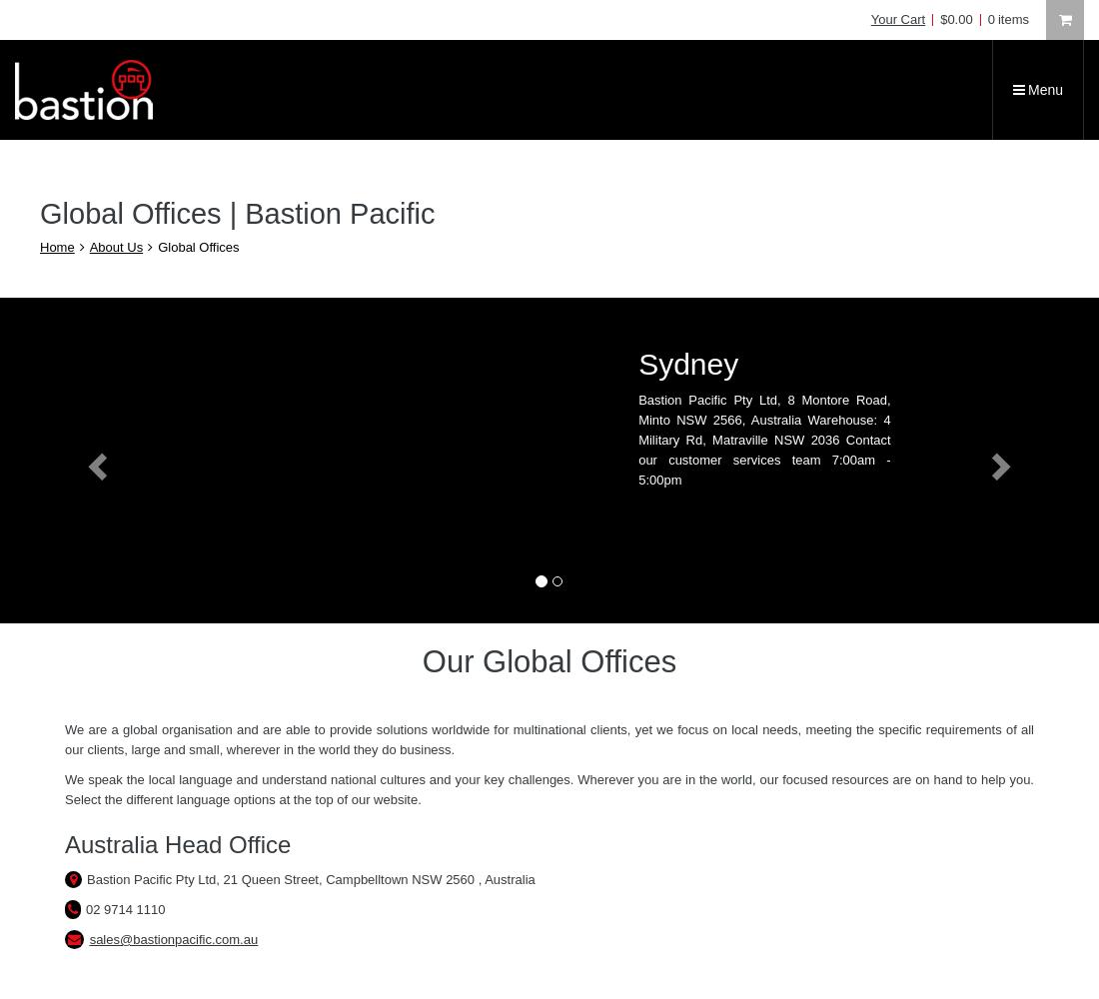 The height and width of the screenshot is (999, 1099). What do you see at coordinates (549, 738) in the screenshot?
I see `'We are a global organisation and are able to provide solutions worldwide for multinational clients, yet we focus on local needs, meeting the specific requirements of all our clients, large and small, wherever in the world they do business.'` at bounding box center [549, 738].